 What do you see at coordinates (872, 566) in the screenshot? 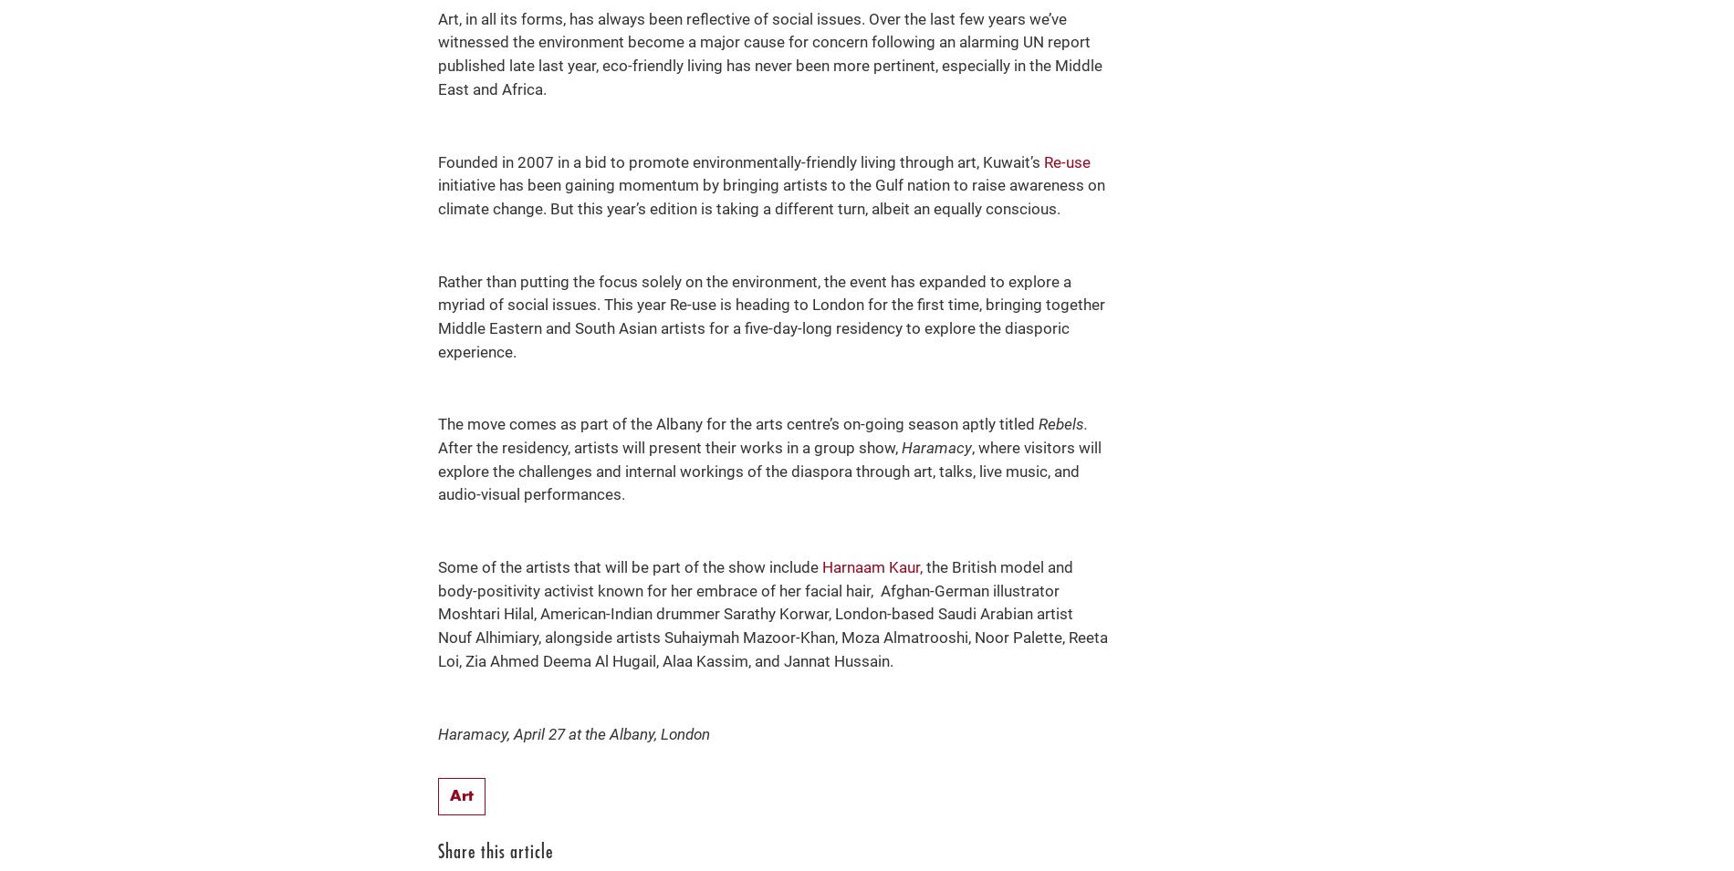
I see `'Harnaam Kaur,'` at bounding box center [872, 566].